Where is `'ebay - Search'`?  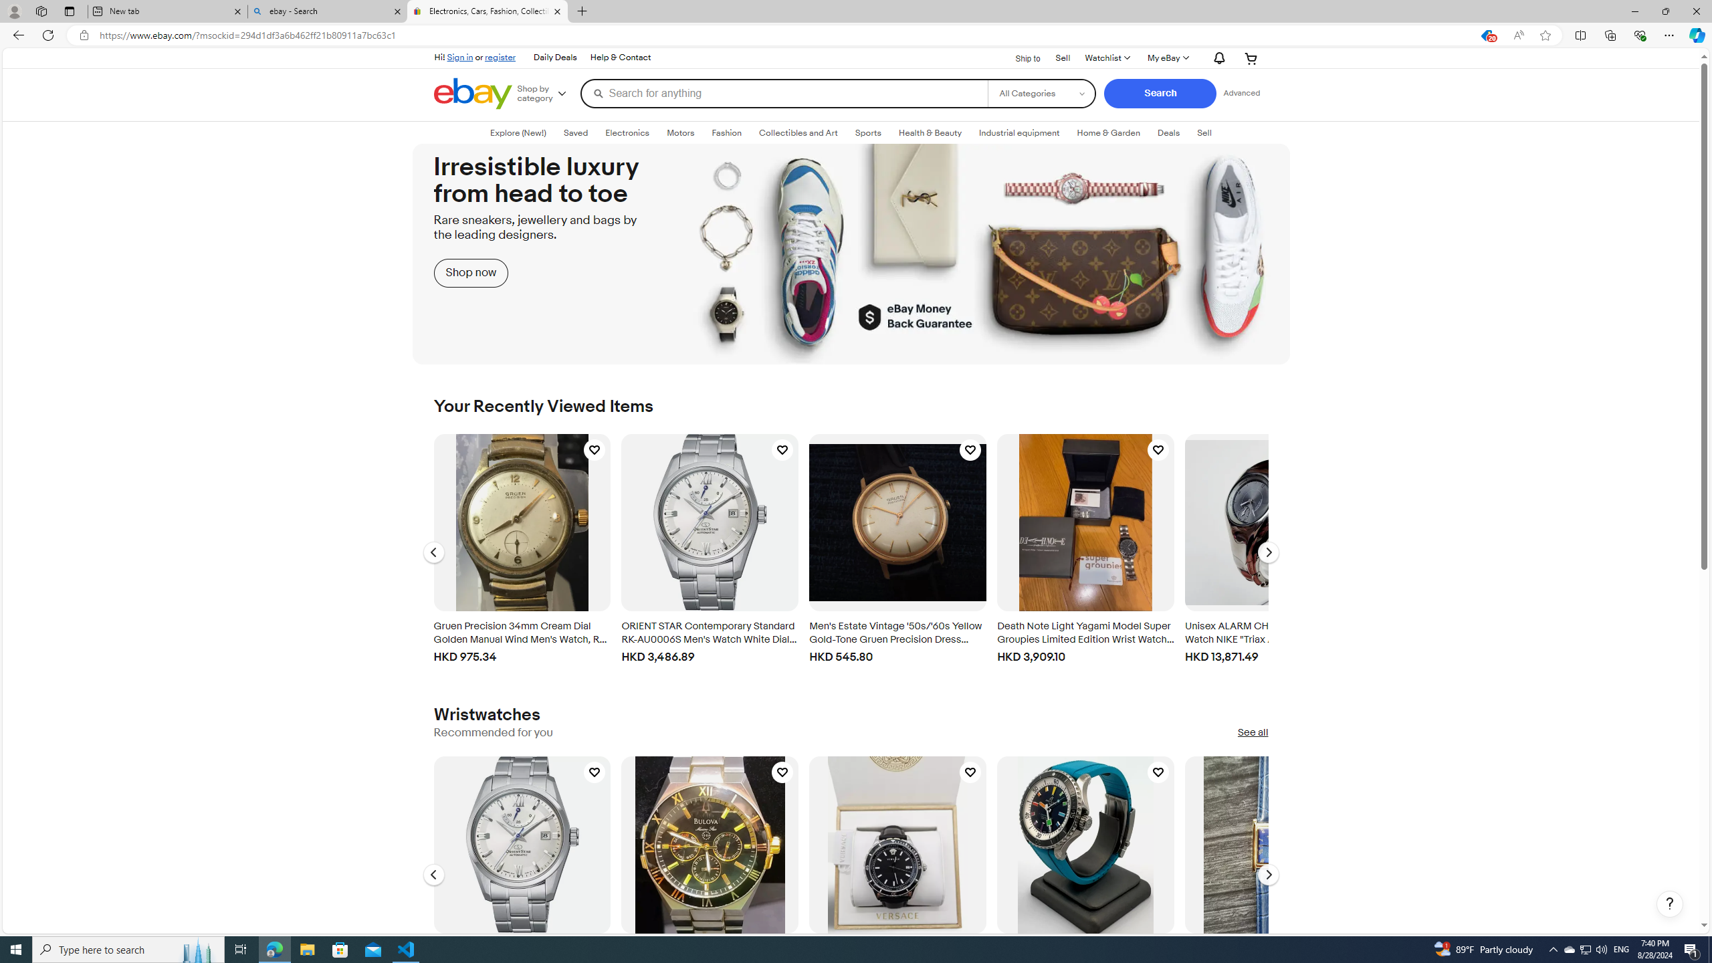
'ebay - Search' is located at coordinates (326, 11).